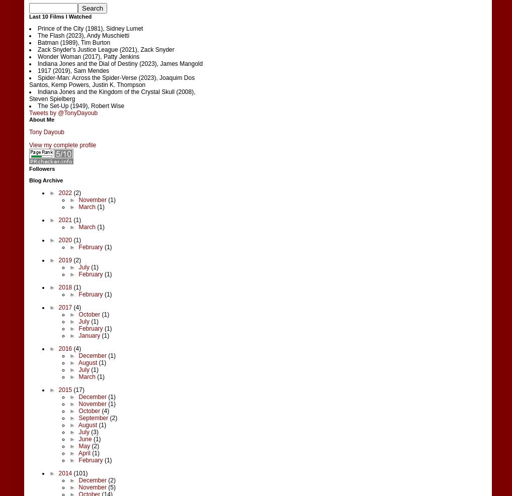  Describe the element at coordinates (65, 286) in the screenshot. I see `'2018'` at that location.